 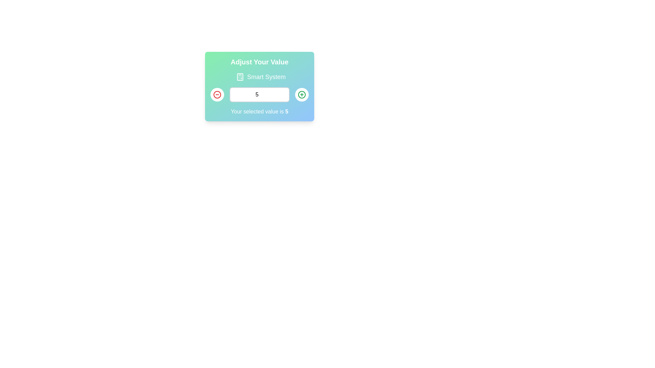 I want to click on the decorative calculator icon, which features a clean and minimalistic design with a white color scheme, located to the left of the 'Smart System' text, so click(x=240, y=77).